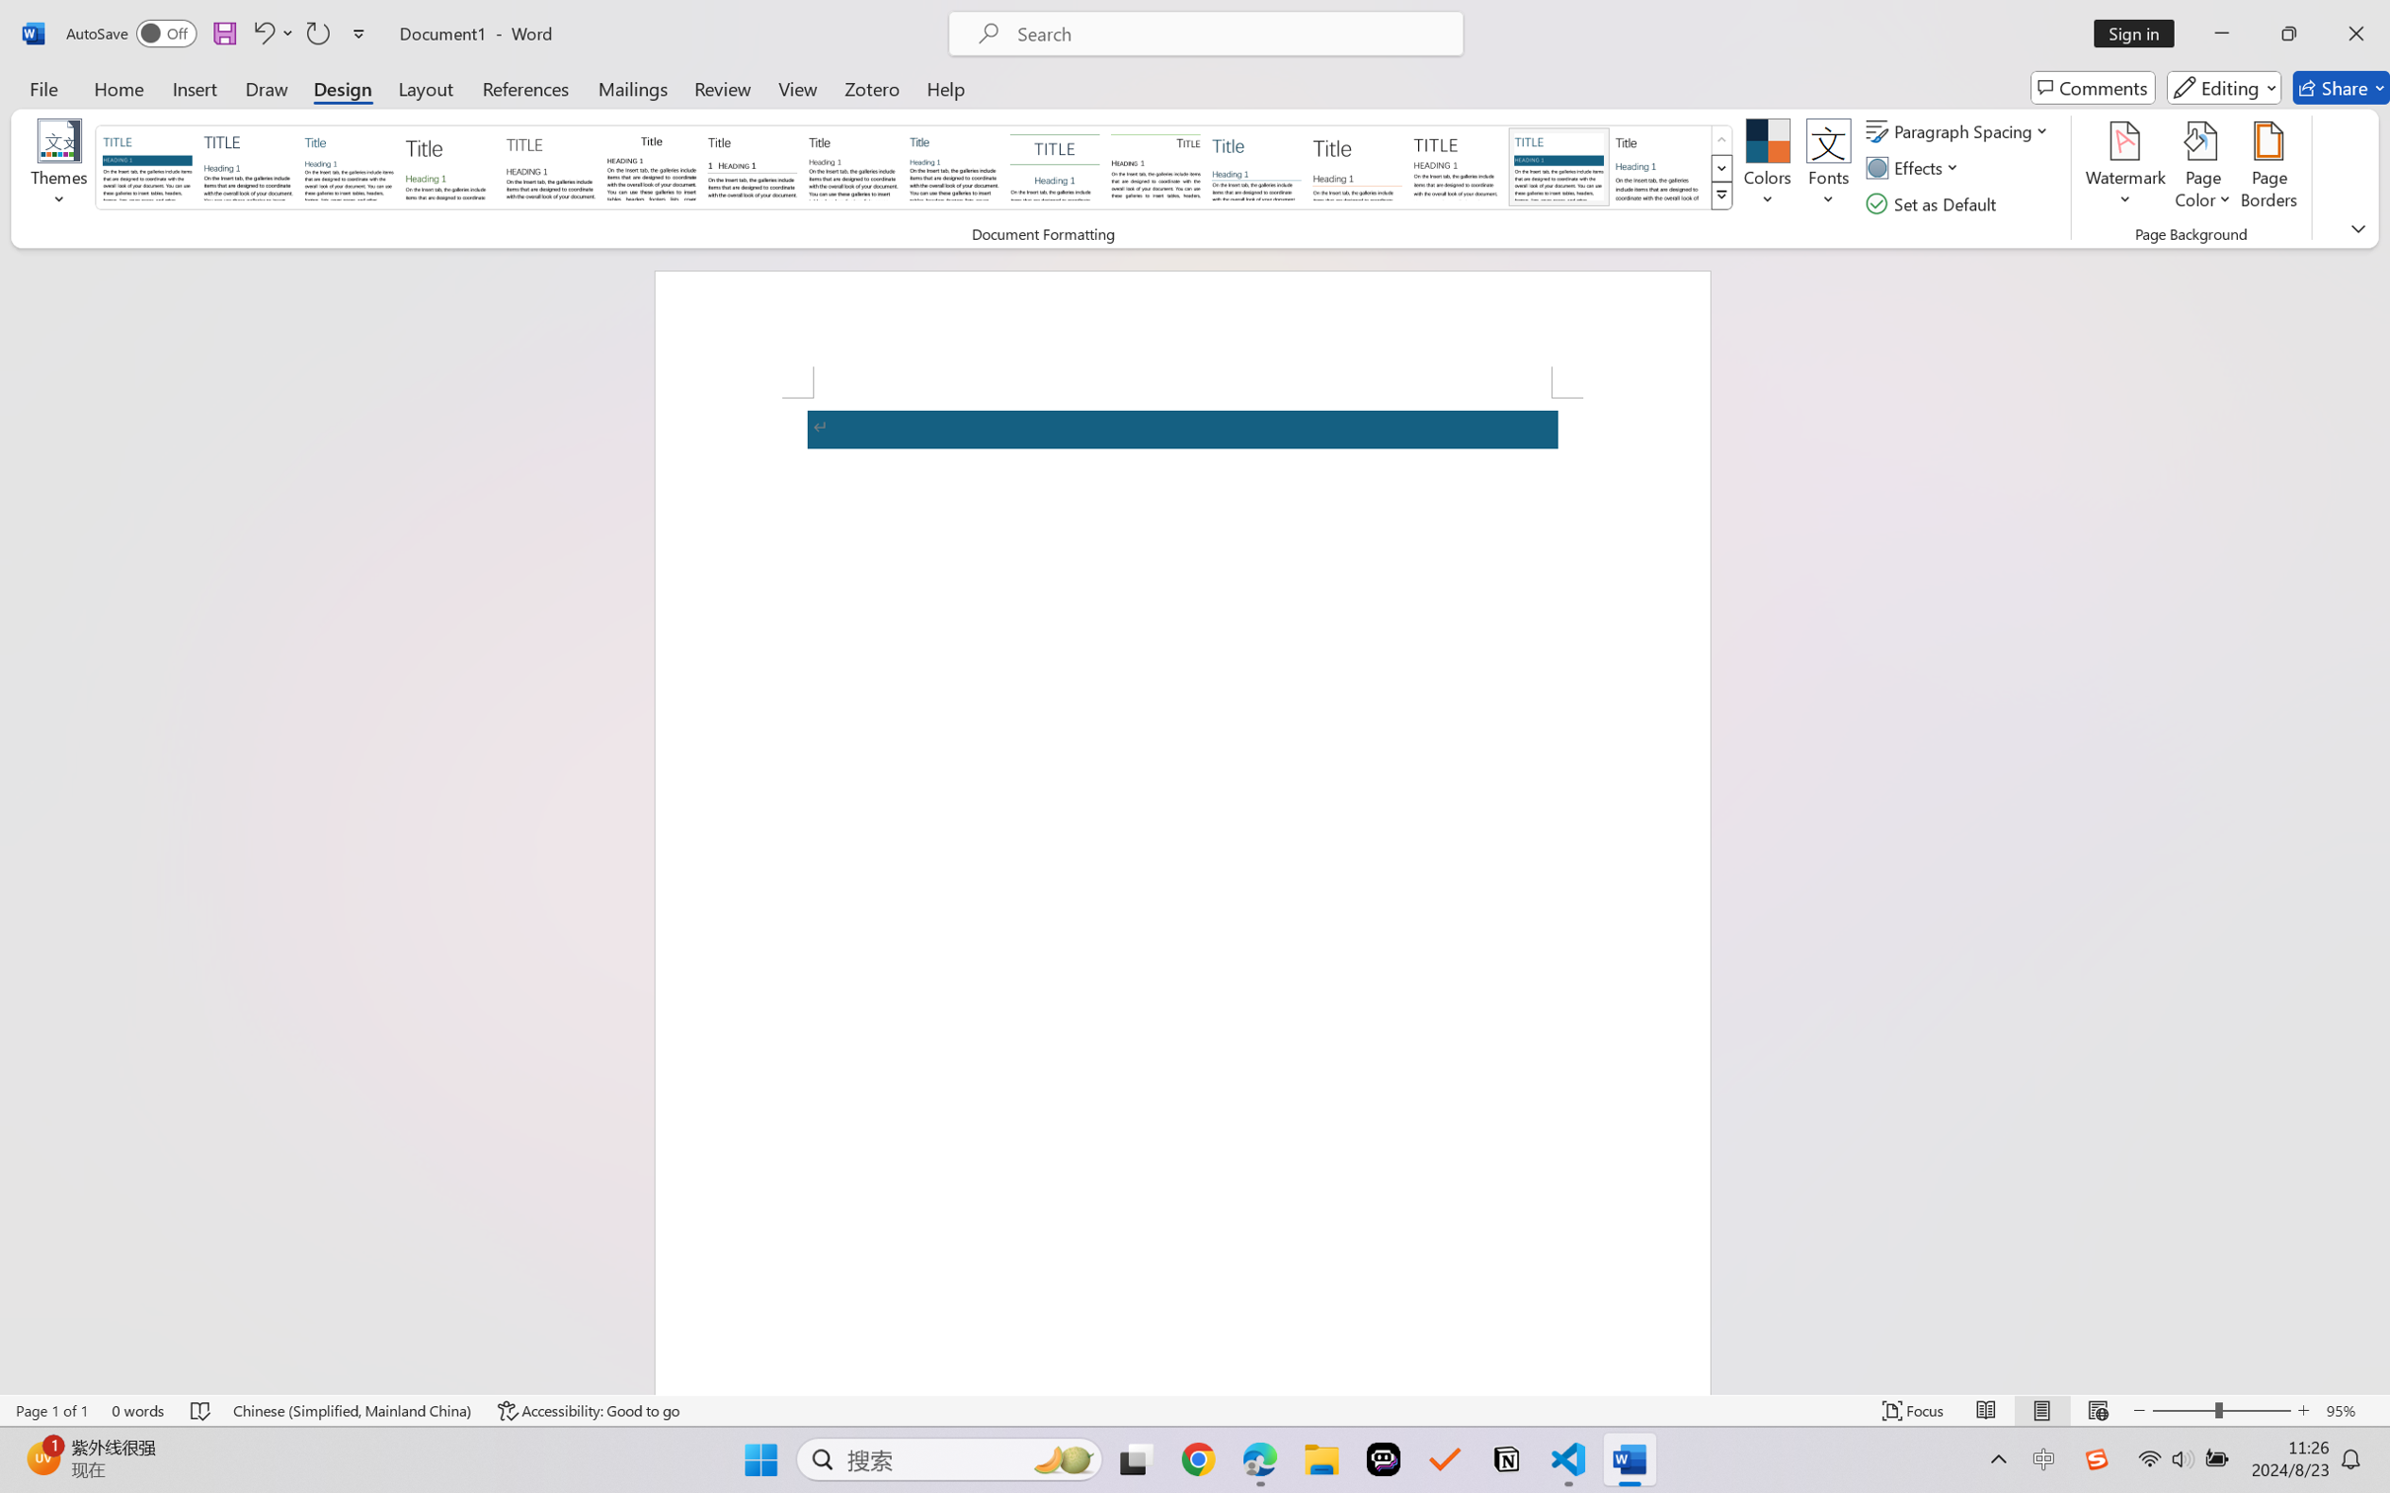  What do you see at coordinates (2125, 168) in the screenshot?
I see `'Watermark'` at bounding box center [2125, 168].